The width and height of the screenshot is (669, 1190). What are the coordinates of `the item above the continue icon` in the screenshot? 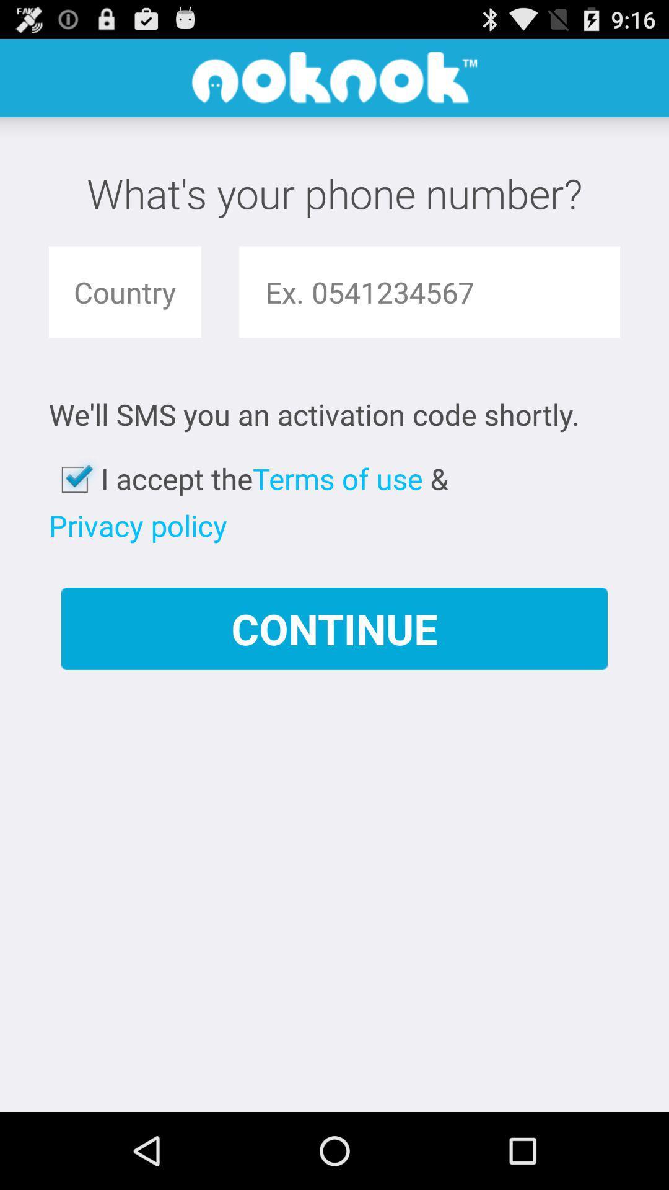 It's located at (338, 478).